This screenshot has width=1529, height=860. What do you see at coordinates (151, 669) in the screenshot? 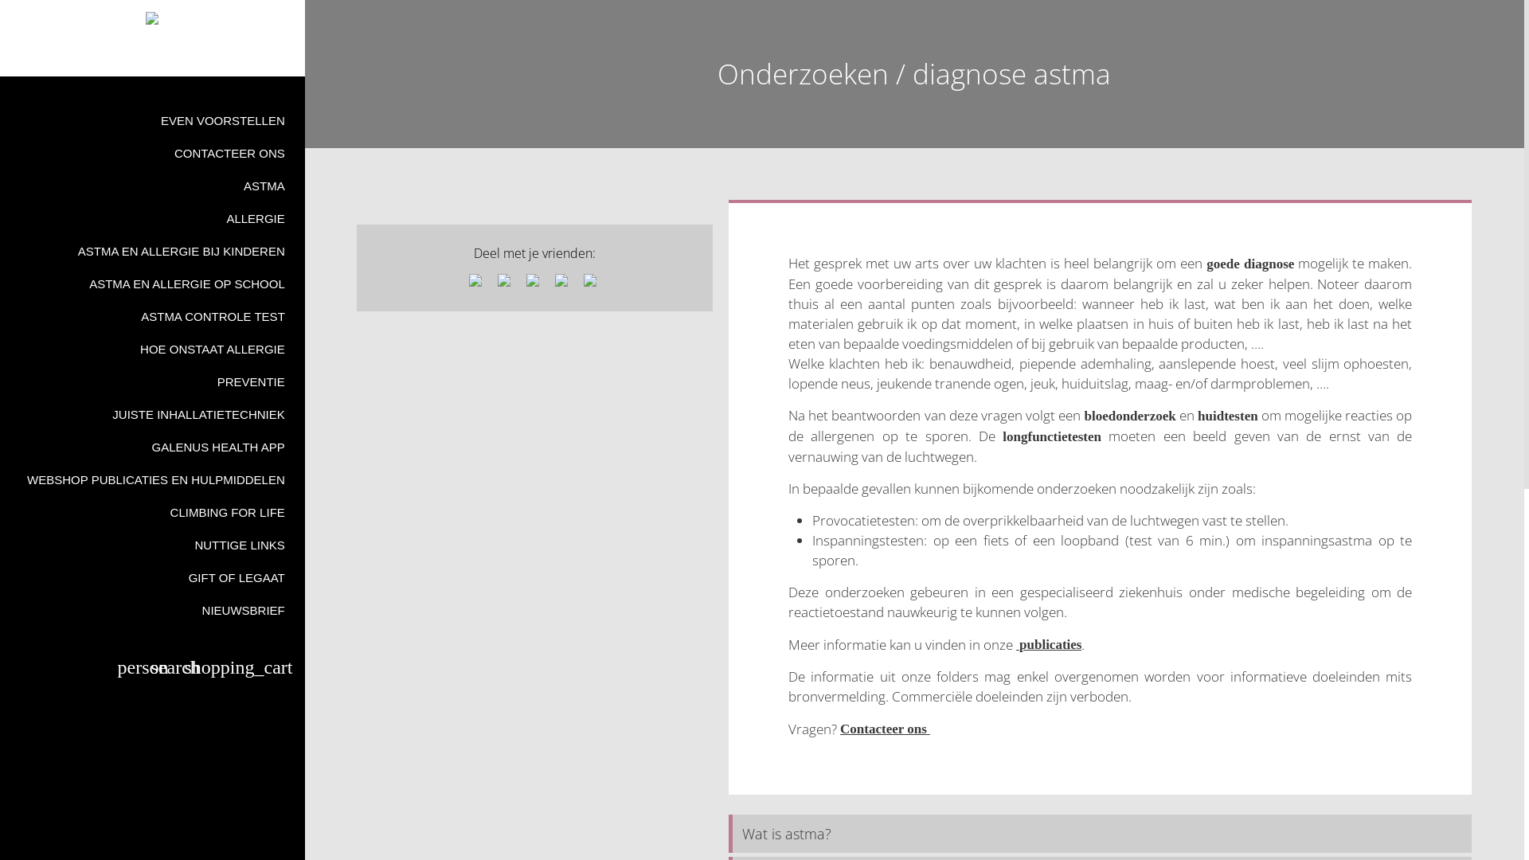
I see `'search'` at bounding box center [151, 669].